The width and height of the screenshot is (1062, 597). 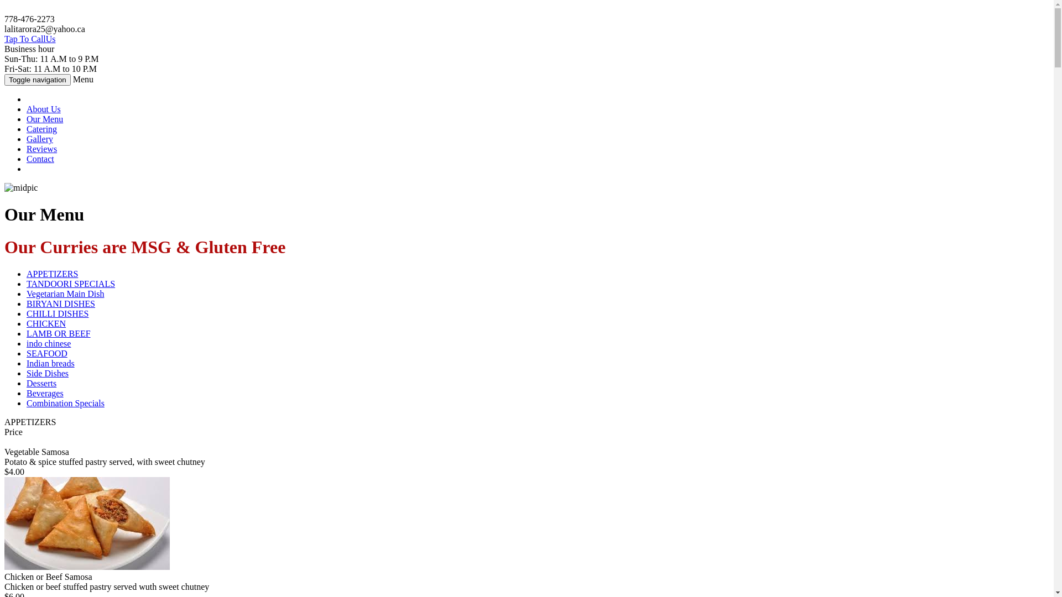 I want to click on 'Our Menu', so click(x=44, y=119).